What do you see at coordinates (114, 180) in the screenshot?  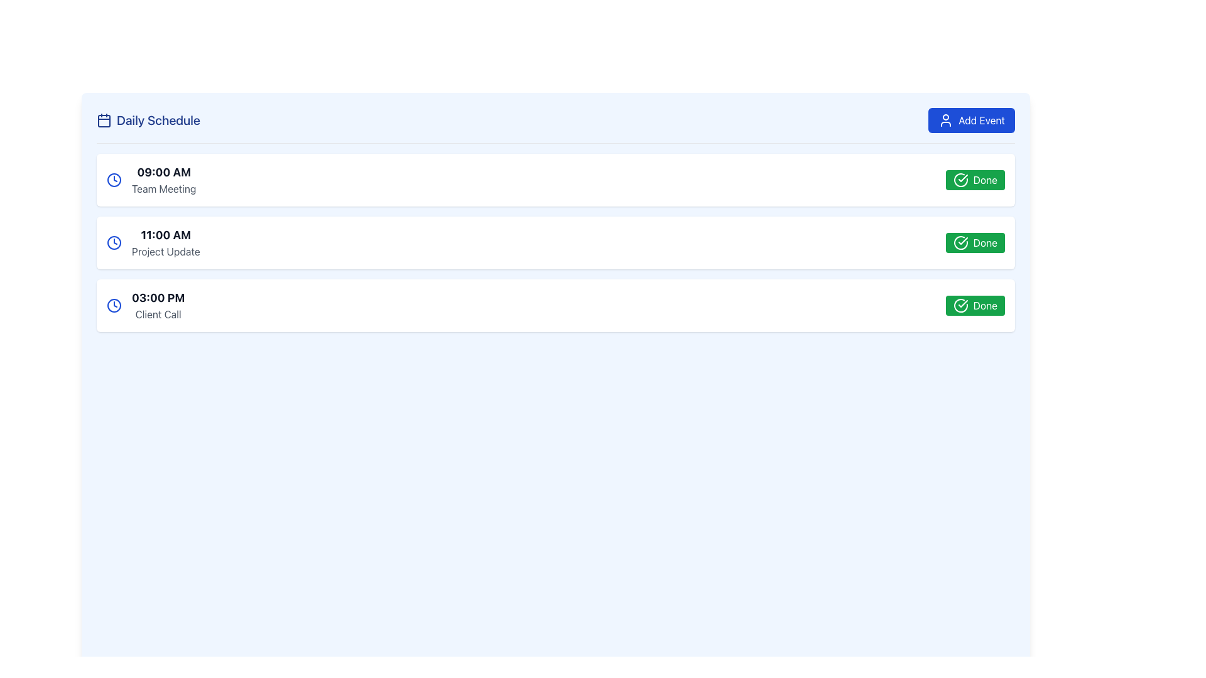 I see `the Icon representing the time for the '09:00 AM Team Meeting' located to the left of the text in the upper schedule list` at bounding box center [114, 180].